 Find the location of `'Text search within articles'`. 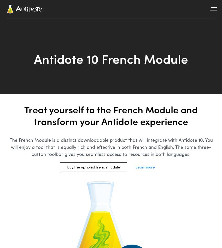

'Text search within articles' is located at coordinates (194, 51).